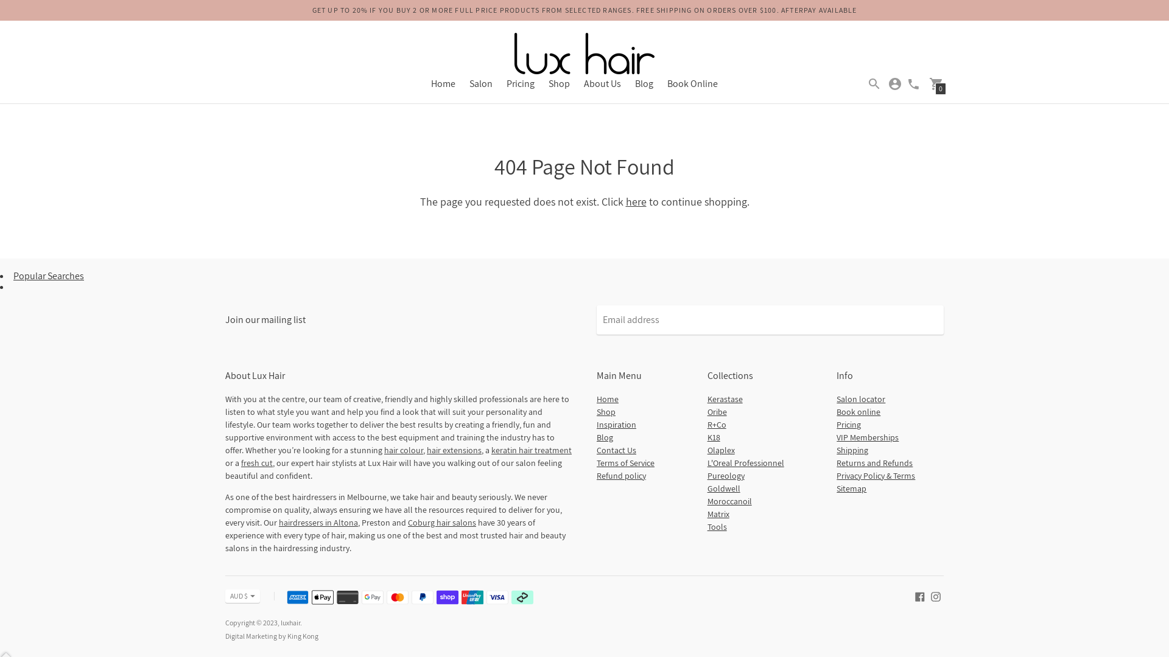 The width and height of the screenshot is (1169, 657). I want to click on 'Contact Us', so click(616, 450).